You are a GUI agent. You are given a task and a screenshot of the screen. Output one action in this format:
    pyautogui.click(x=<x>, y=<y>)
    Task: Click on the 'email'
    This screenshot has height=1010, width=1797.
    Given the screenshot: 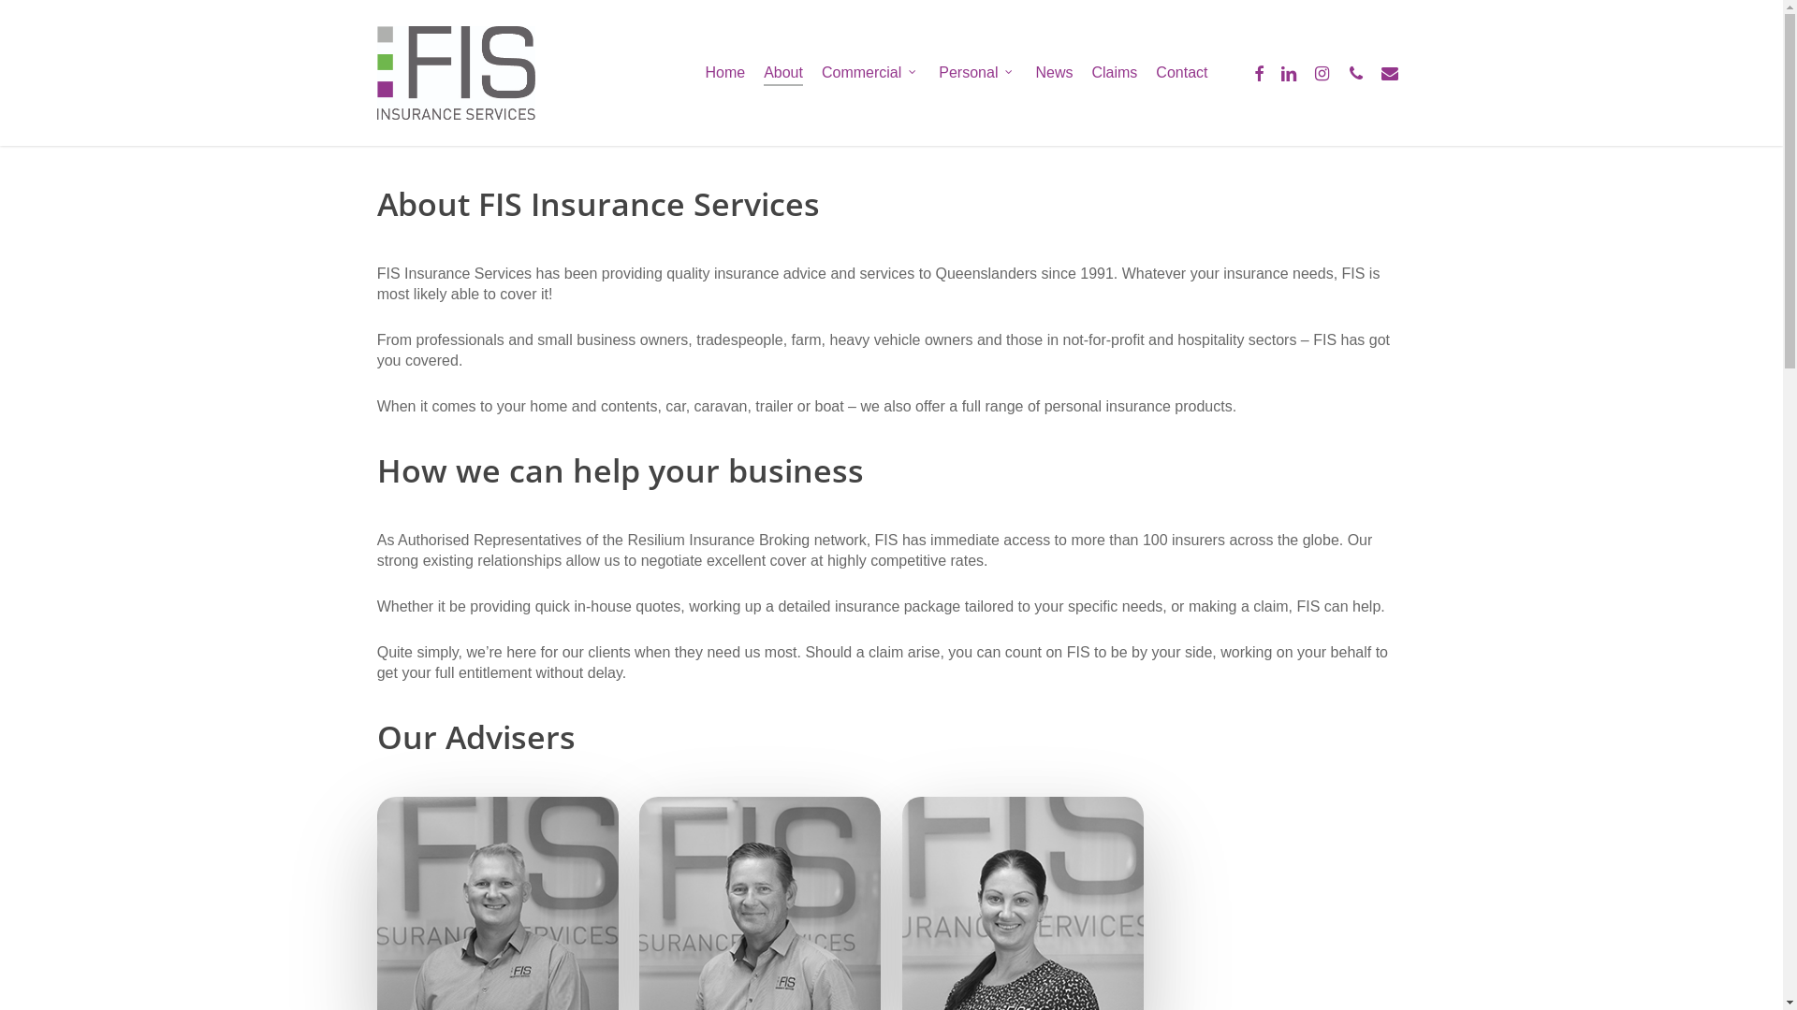 What is the action you would take?
    pyautogui.click(x=1388, y=71)
    